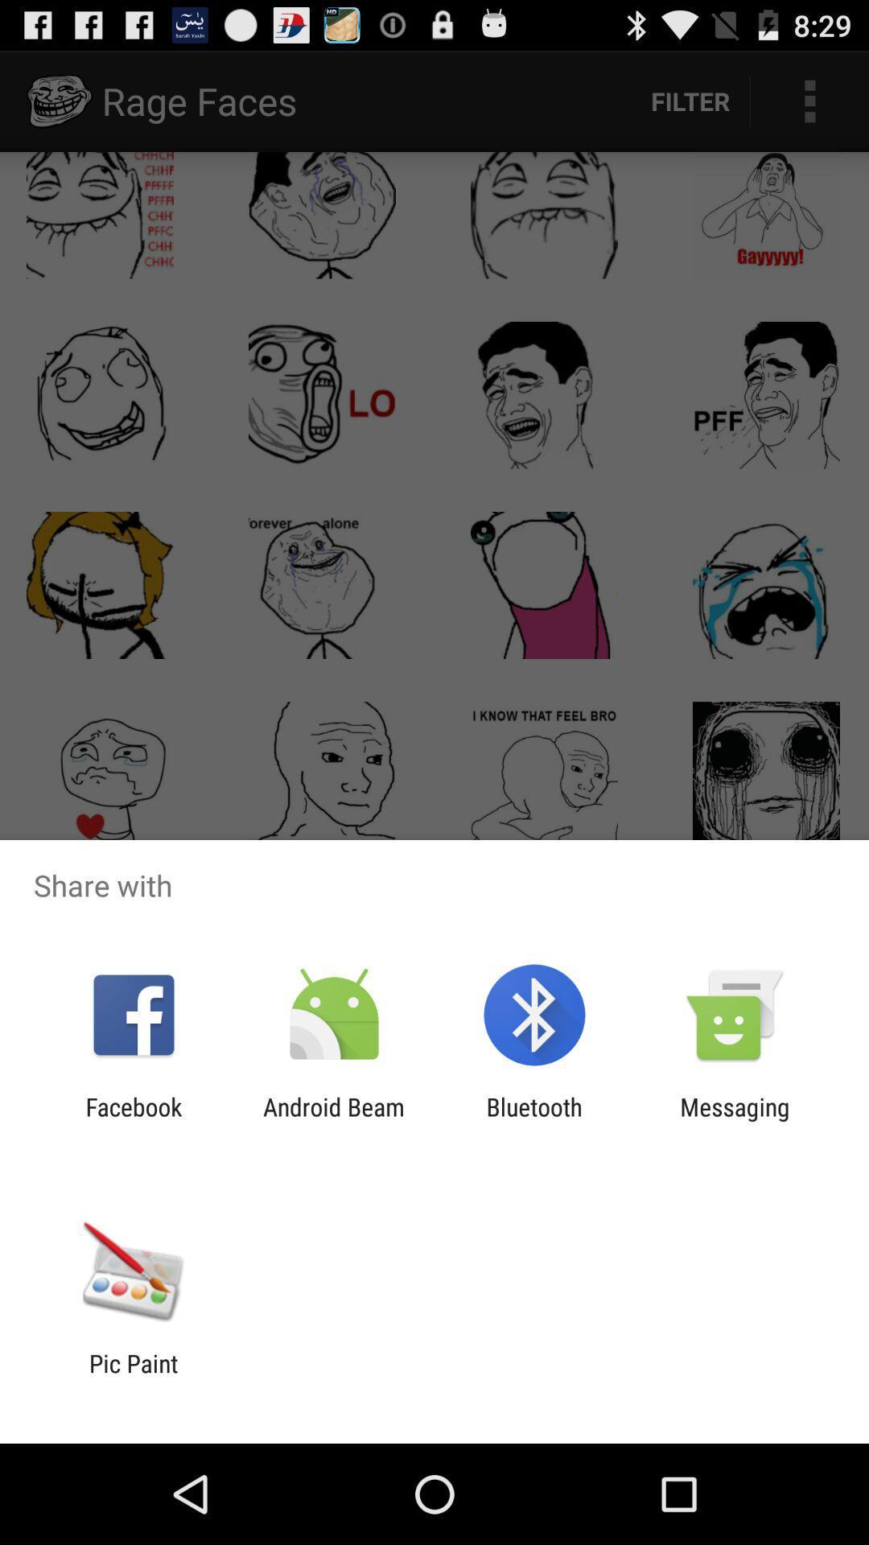 The width and height of the screenshot is (869, 1545). I want to click on icon to the right of the facebook item, so click(333, 1120).